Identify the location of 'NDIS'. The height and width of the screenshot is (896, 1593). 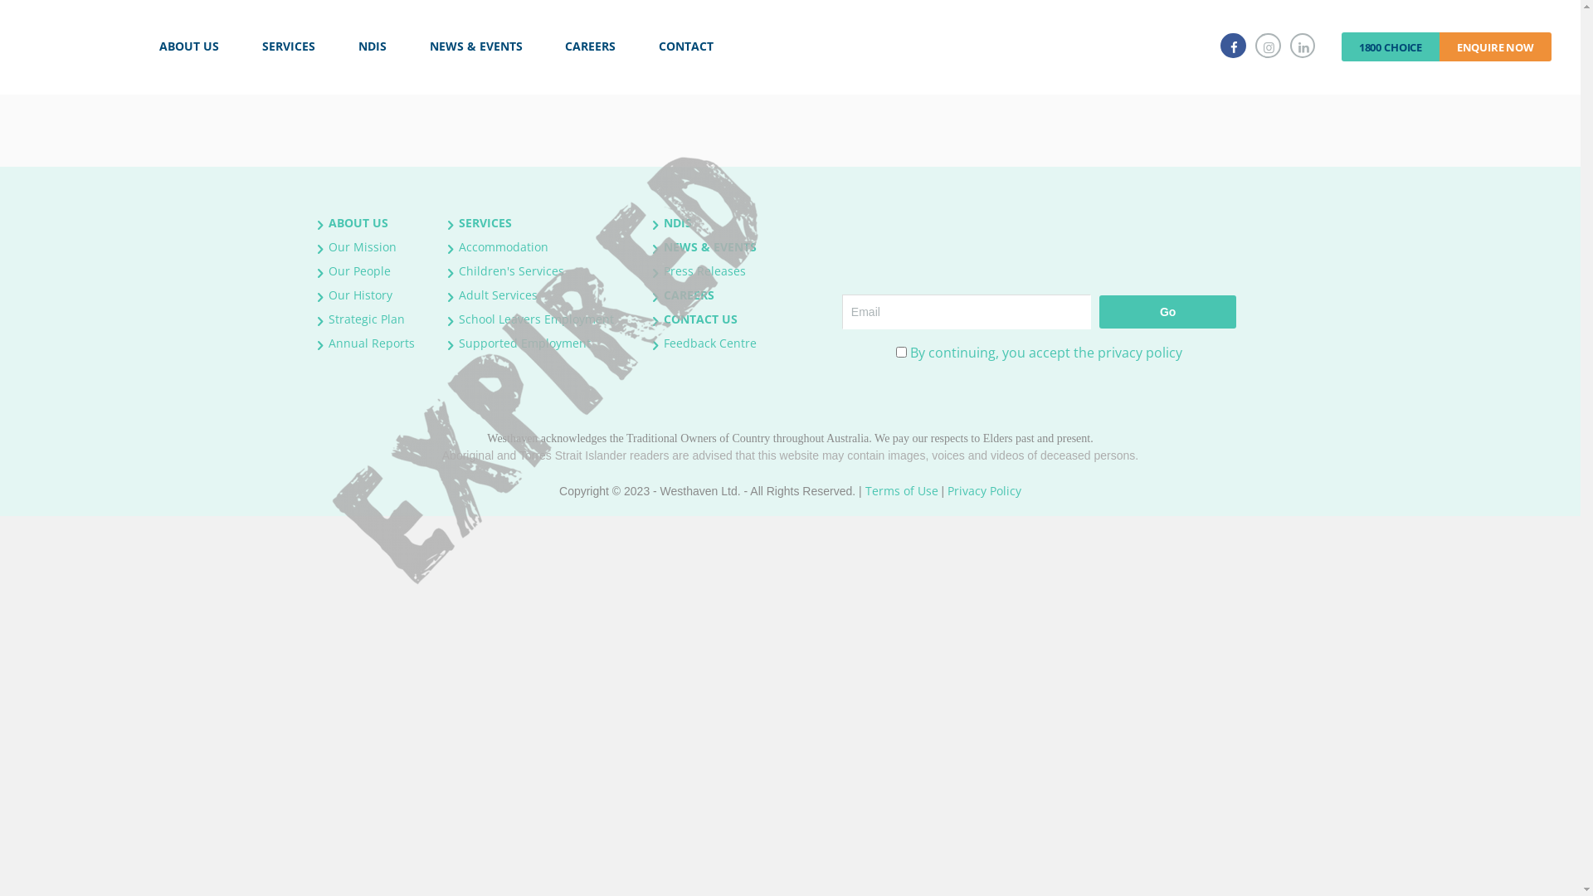
(677, 222).